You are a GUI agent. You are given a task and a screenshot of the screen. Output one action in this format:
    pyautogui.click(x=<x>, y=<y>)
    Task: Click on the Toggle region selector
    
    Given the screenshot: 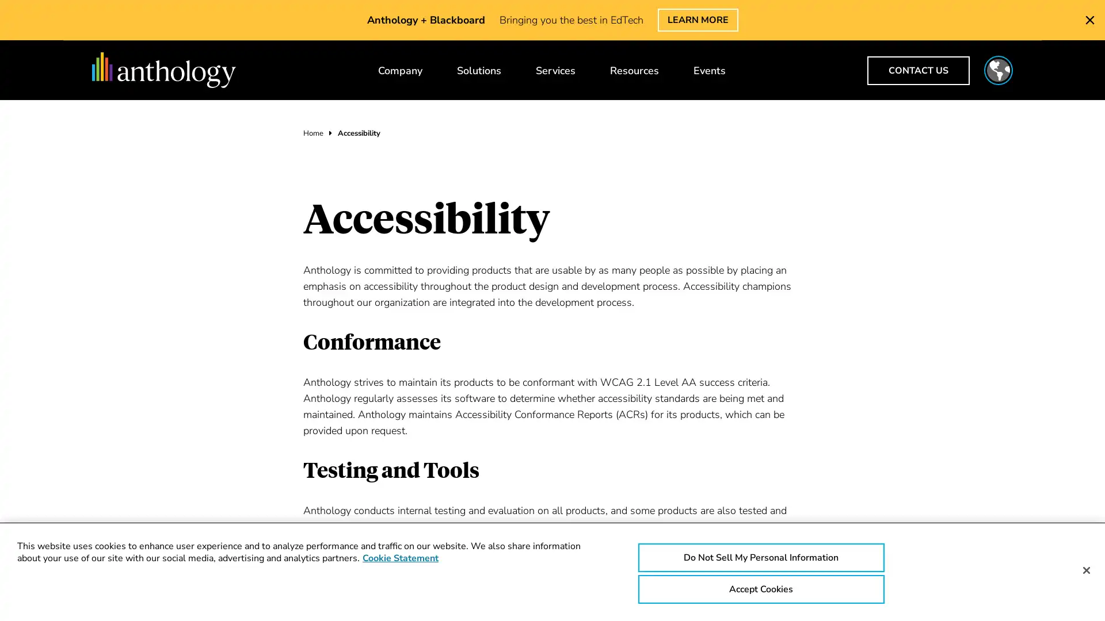 What is the action you would take?
    pyautogui.click(x=997, y=70)
    